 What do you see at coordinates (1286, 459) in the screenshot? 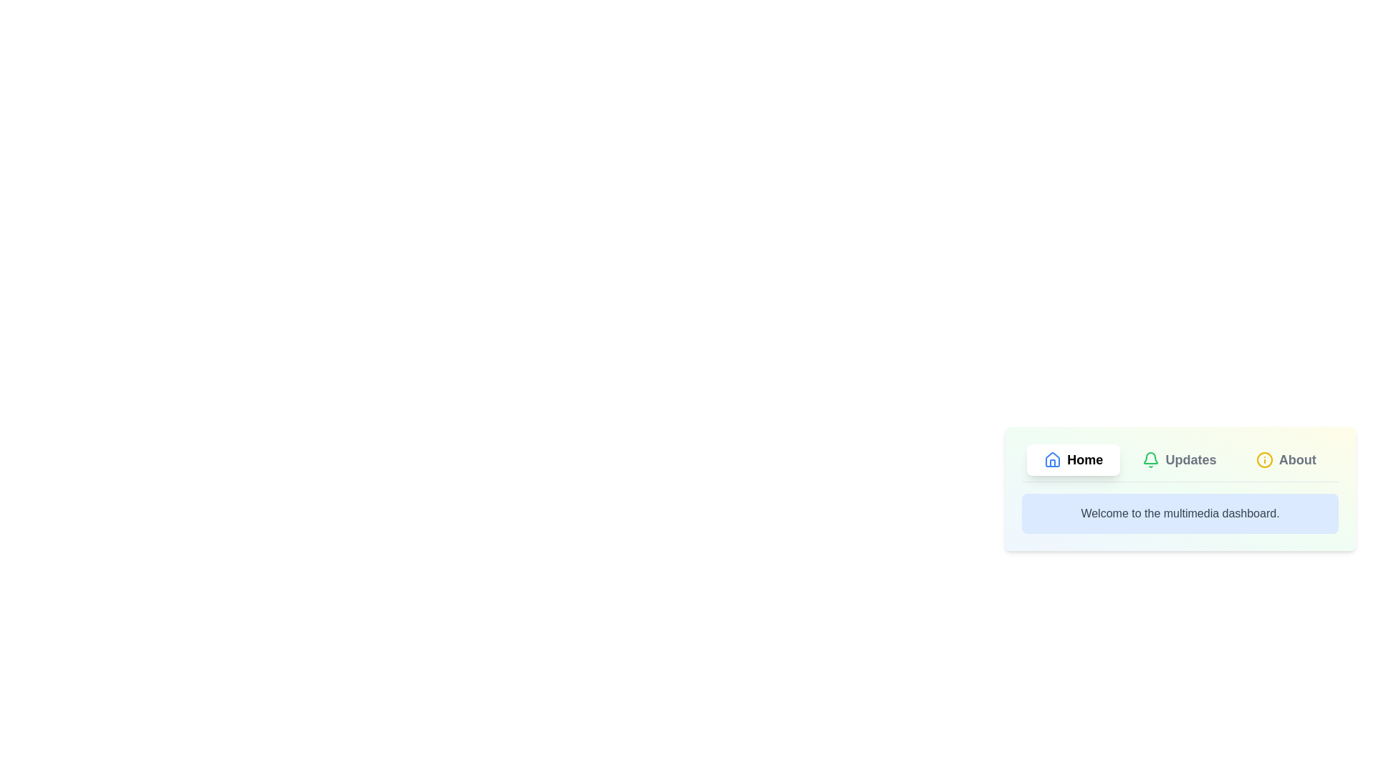
I see `the About tab` at bounding box center [1286, 459].